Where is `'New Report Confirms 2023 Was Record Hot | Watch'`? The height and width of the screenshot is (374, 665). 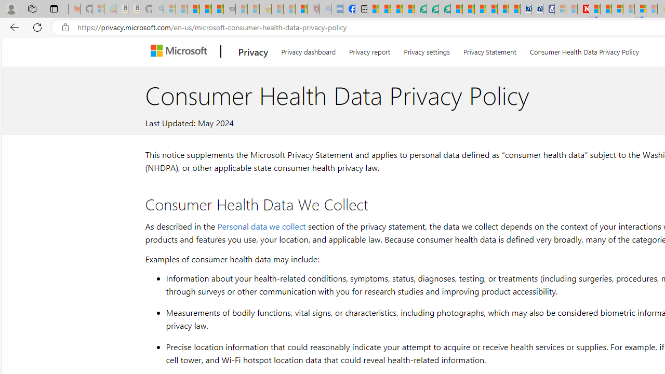 'New Report Confirms 2023 Was Record Hot | Watch' is located at coordinates (217, 9).